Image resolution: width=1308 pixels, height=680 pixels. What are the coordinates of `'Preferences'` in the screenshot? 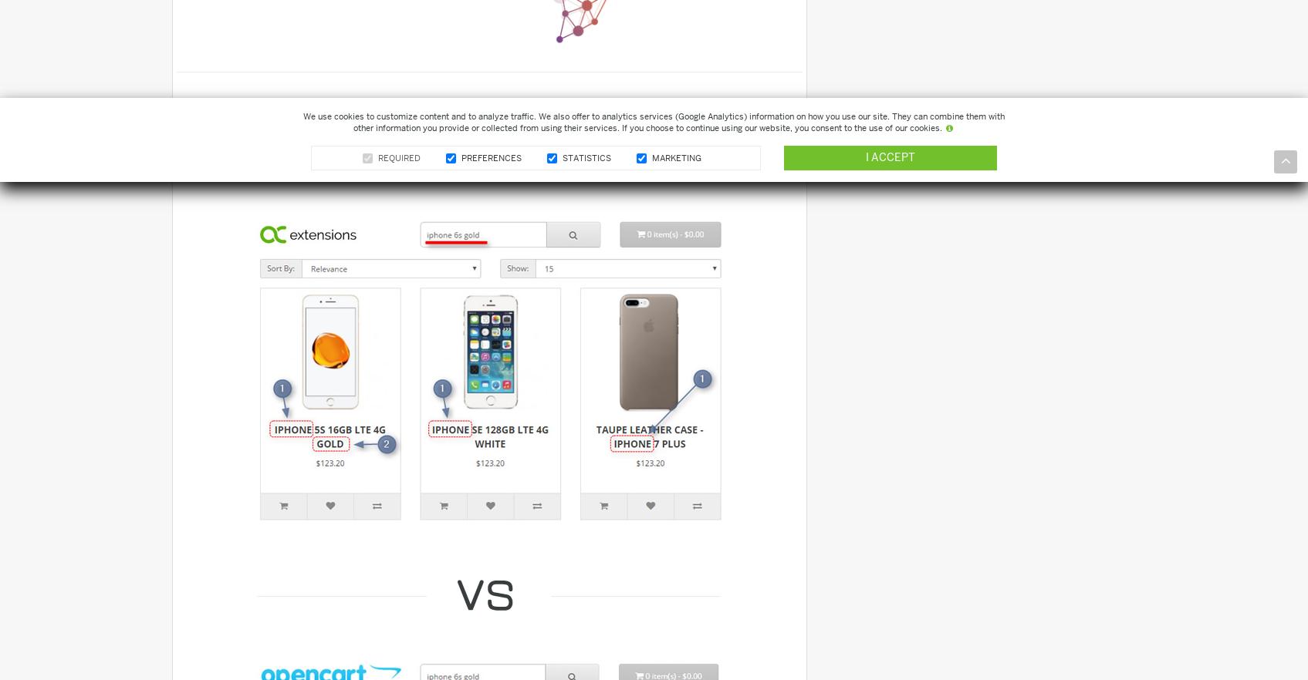 It's located at (459, 157).